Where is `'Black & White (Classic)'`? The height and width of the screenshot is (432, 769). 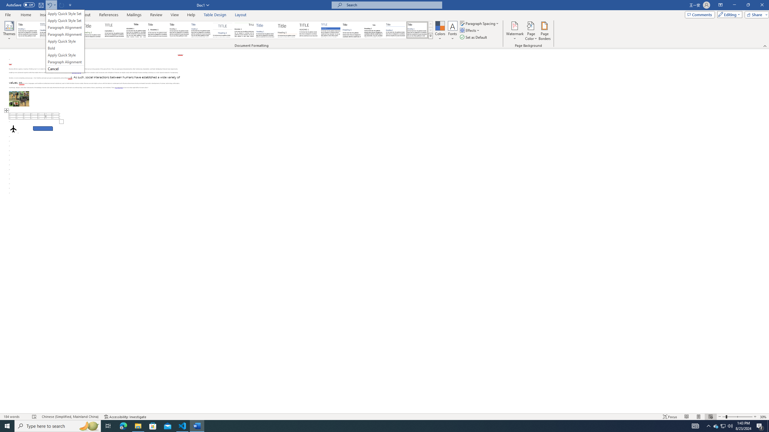
'Black & White (Classic)' is located at coordinates (136, 30).